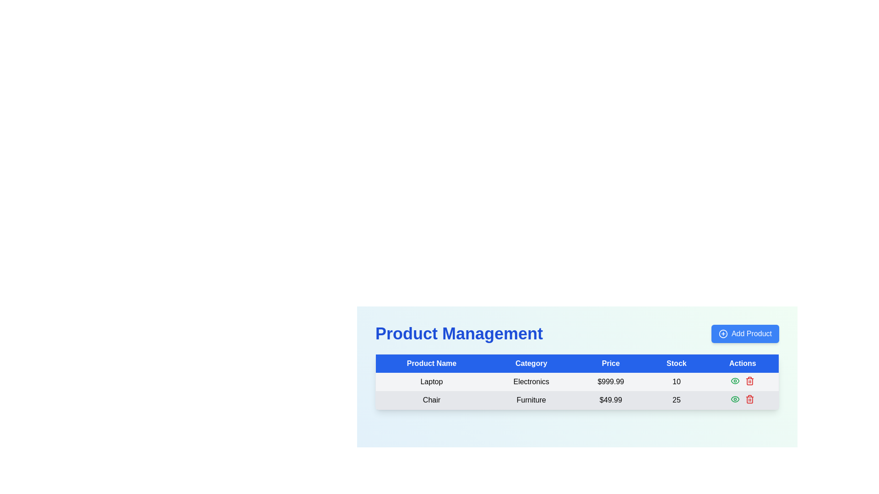 This screenshot has width=879, height=494. Describe the element at coordinates (750, 398) in the screenshot. I see `the trash icon button located in the 'Actions' column of the second row of the product table` at that location.